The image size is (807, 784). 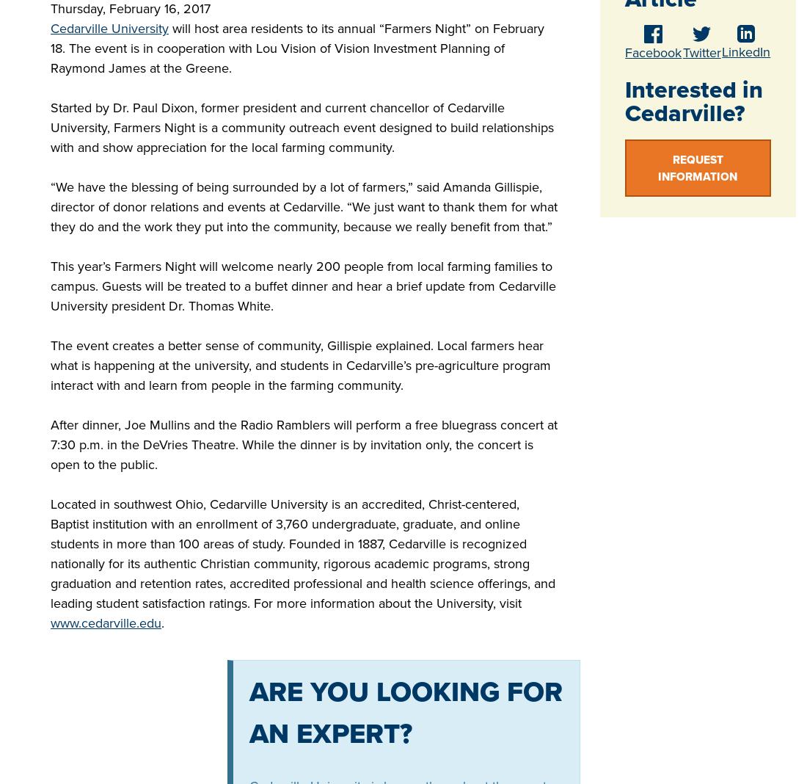 What do you see at coordinates (49, 366) in the screenshot?
I see `'The event creates a better sense of community, Gillispie explained. Local farmers hear what is happening at the university, and students in Cedarville’s pre-agriculture program interact with and learn from people in the farming community.'` at bounding box center [49, 366].